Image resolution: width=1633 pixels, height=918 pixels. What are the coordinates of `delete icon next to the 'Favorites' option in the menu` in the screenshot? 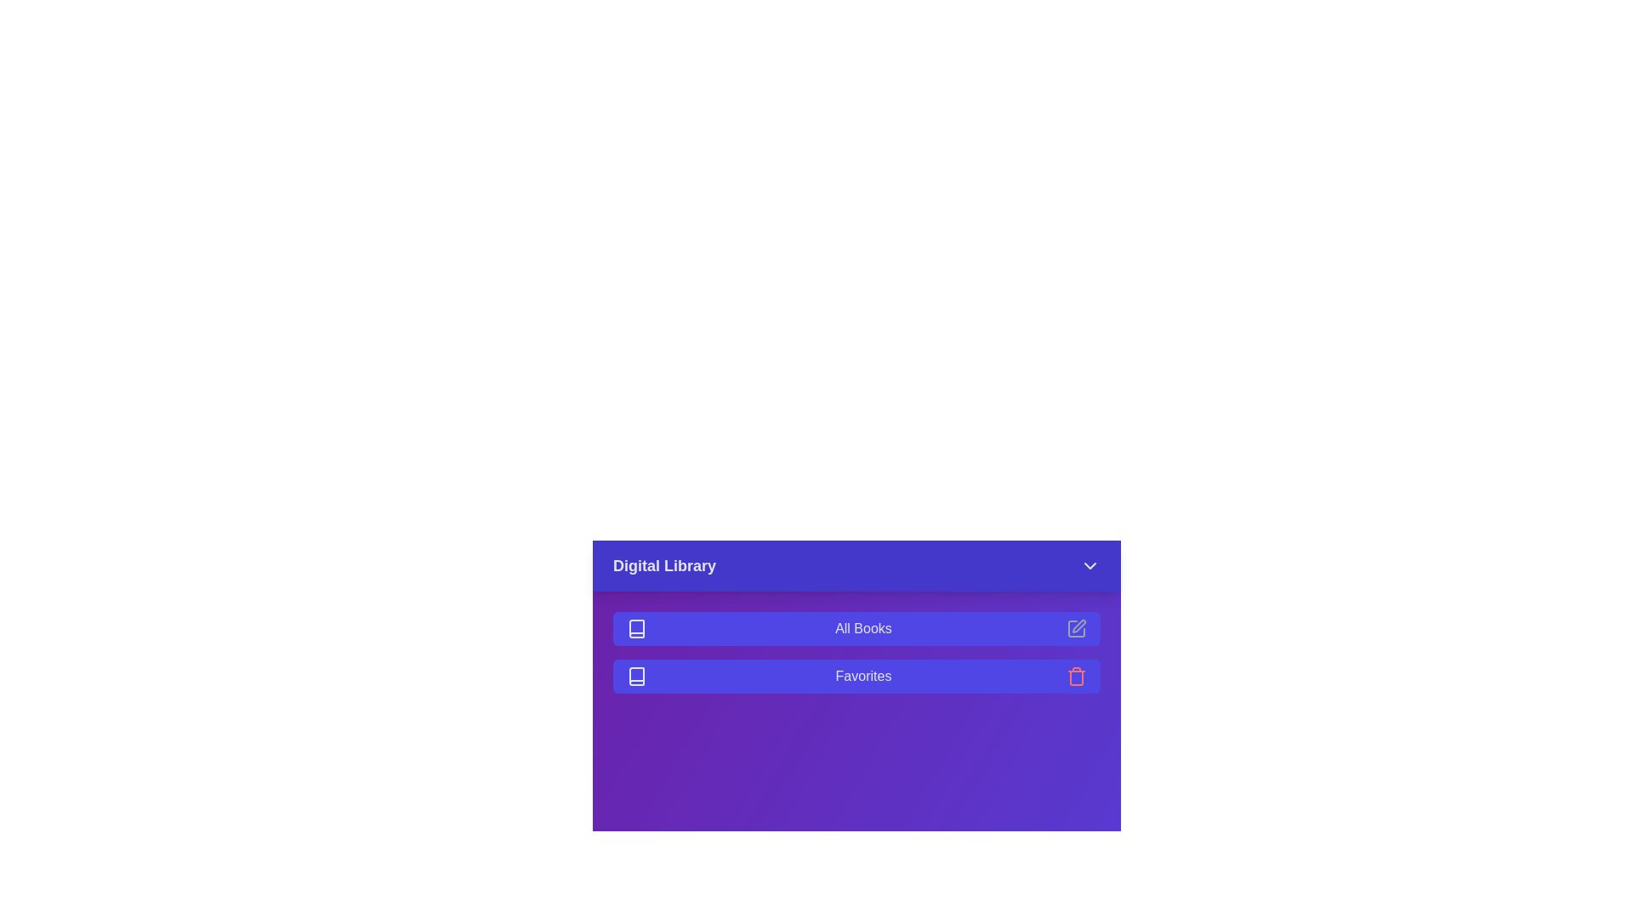 It's located at (1076, 675).